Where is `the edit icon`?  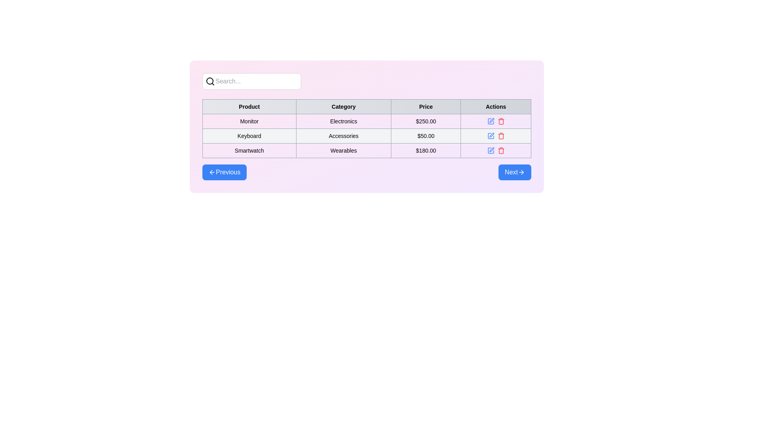
the edit icon is located at coordinates (491, 134).